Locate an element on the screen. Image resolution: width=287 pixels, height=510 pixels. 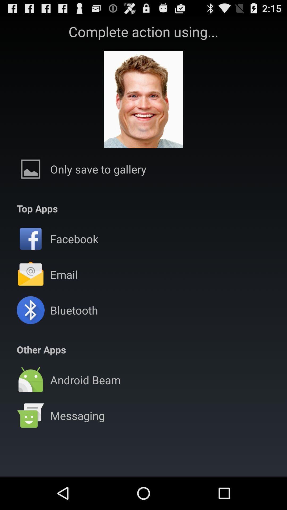
the messaging item is located at coordinates (77, 415).